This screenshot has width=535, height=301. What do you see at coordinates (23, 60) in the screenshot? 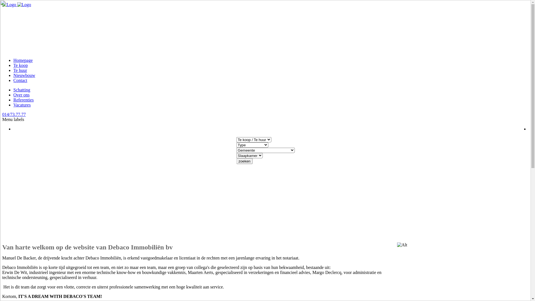
I see `'Homepage'` at bounding box center [23, 60].